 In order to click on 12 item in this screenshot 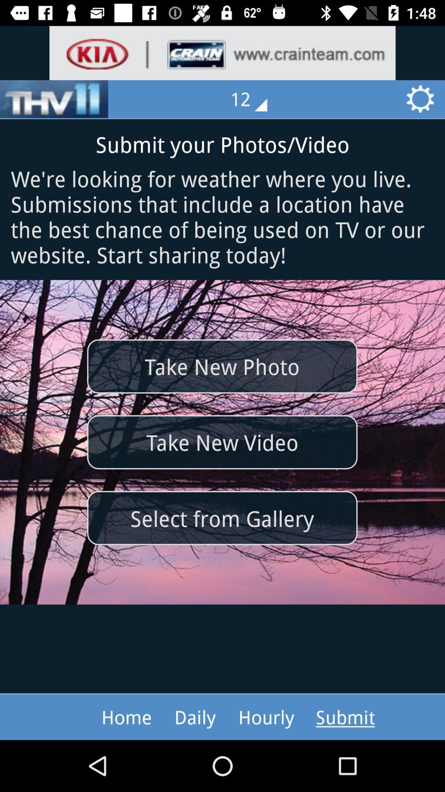, I will do `click(254, 99)`.